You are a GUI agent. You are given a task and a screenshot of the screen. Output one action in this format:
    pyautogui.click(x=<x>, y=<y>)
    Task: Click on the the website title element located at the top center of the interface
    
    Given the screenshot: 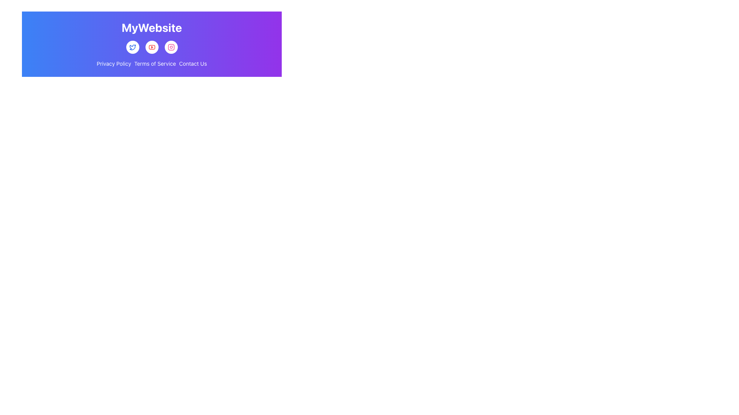 What is the action you would take?
    pyautogui.click(x=152, y=27)
    